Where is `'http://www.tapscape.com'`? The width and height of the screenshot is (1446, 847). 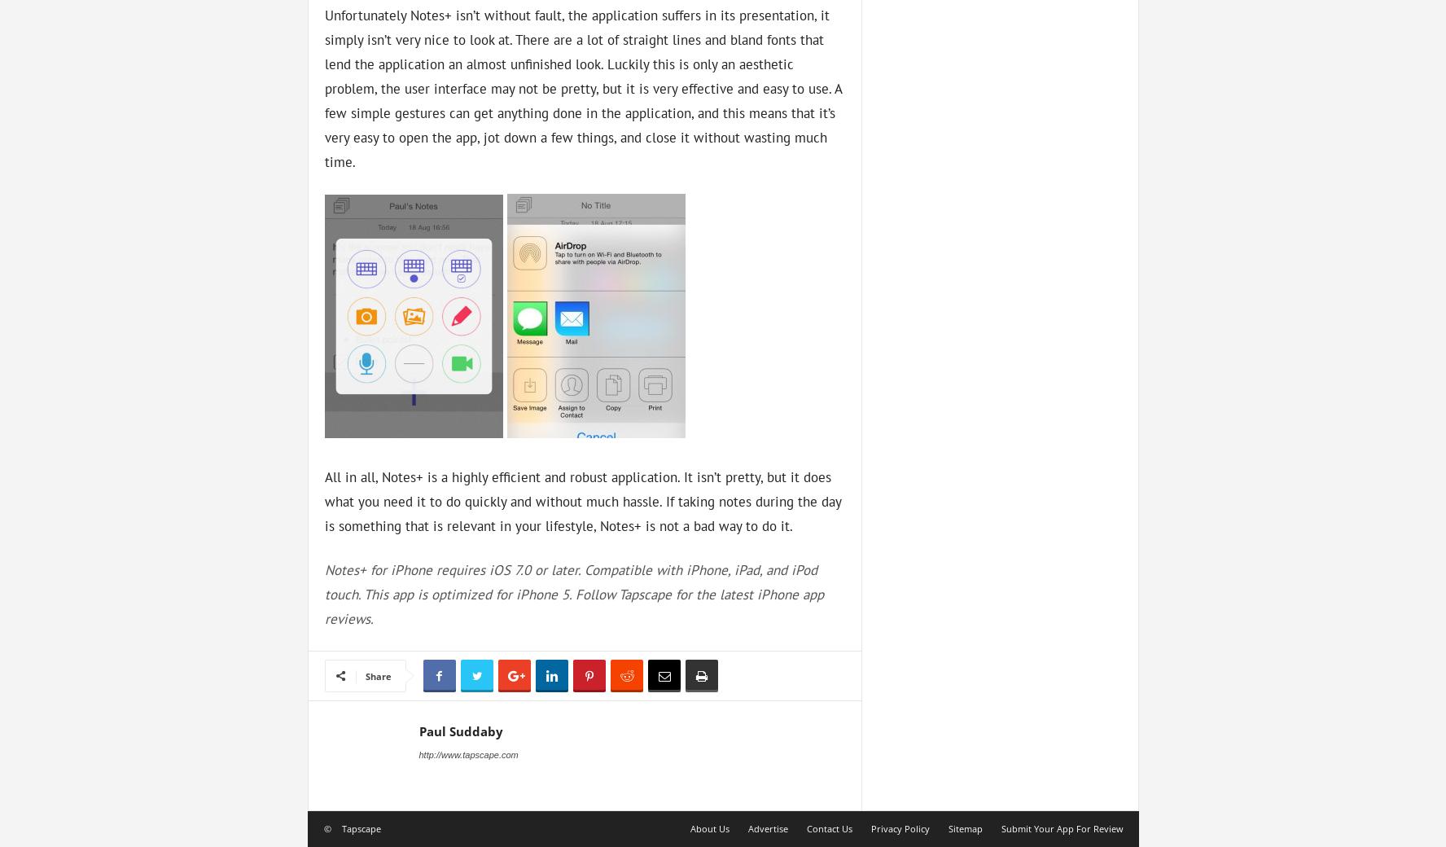 'http://www.tapscape.com' is located at coordinates (468, 753).